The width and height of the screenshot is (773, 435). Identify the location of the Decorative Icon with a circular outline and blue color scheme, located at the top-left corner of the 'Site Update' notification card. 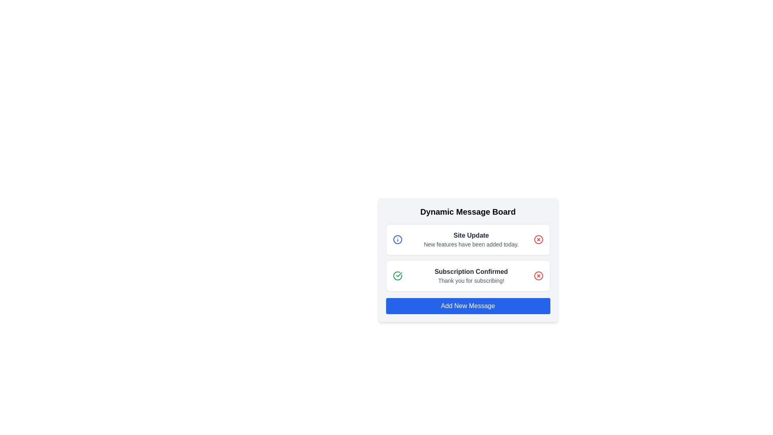
(397, 239).